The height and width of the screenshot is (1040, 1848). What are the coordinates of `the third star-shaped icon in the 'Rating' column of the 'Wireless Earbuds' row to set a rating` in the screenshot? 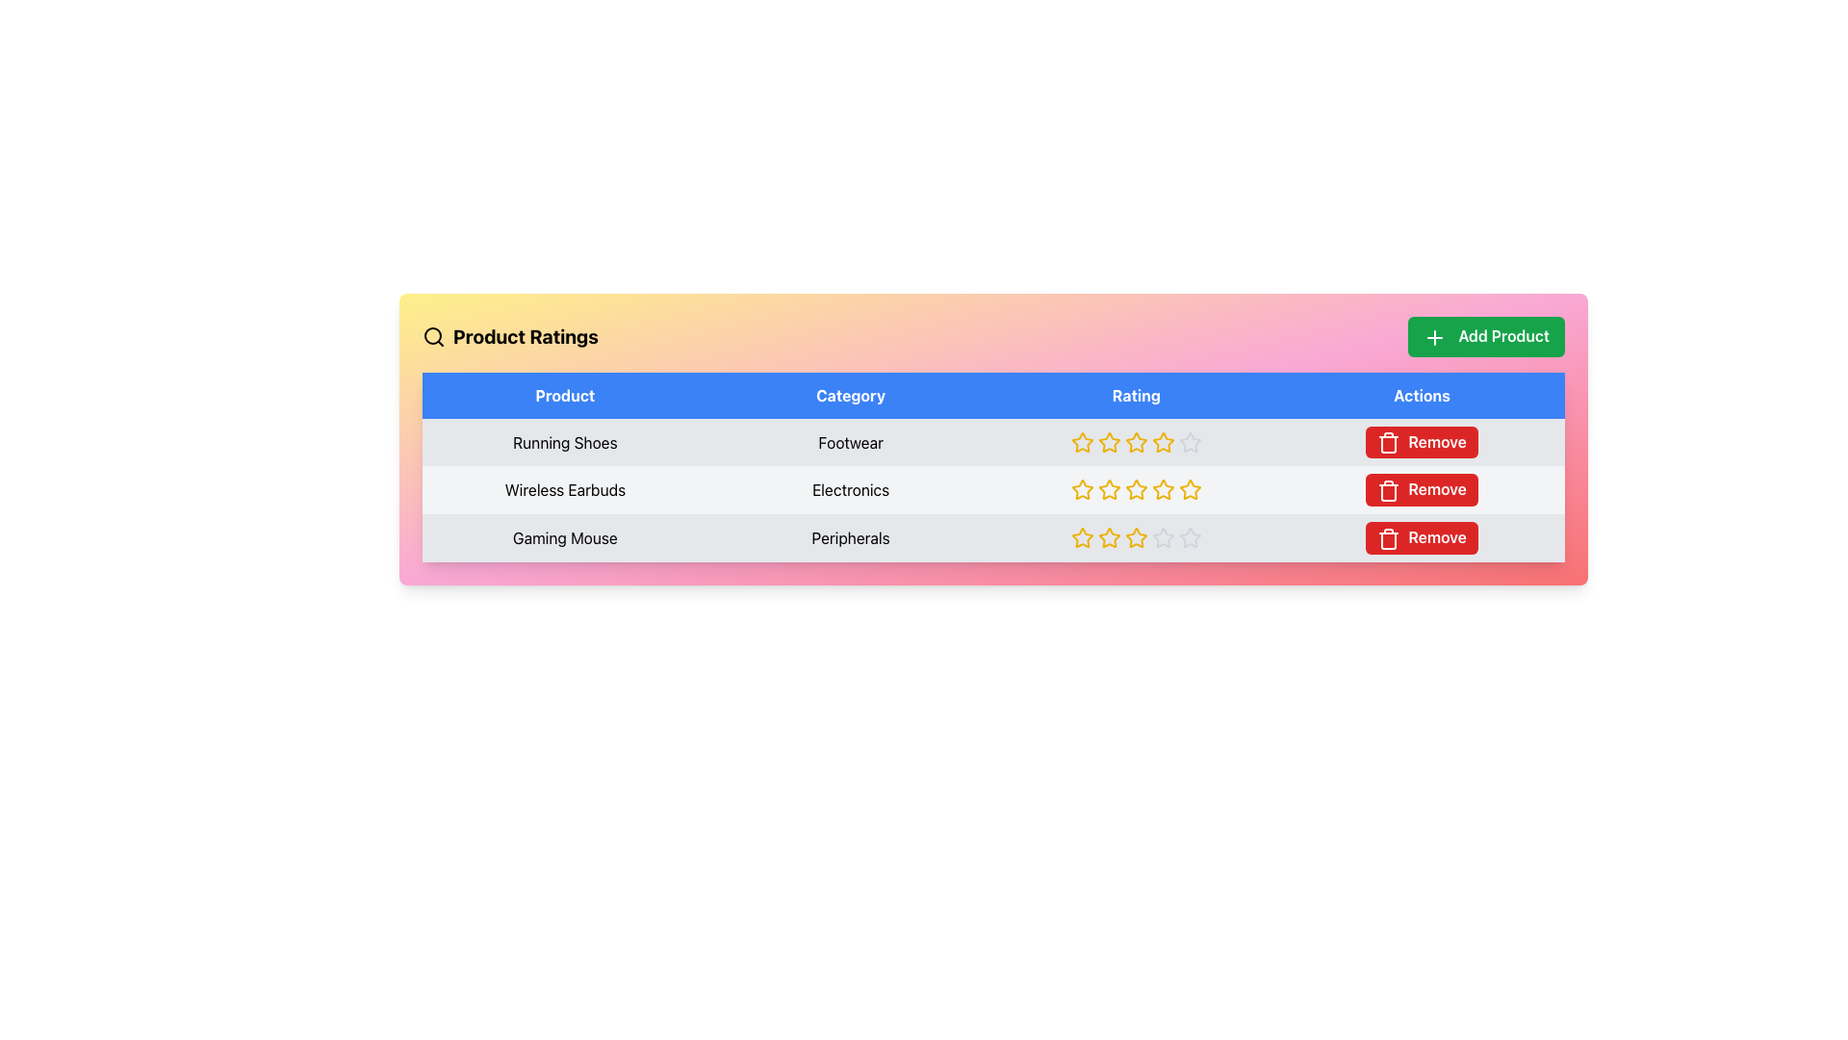 It's located at (1162, 488).